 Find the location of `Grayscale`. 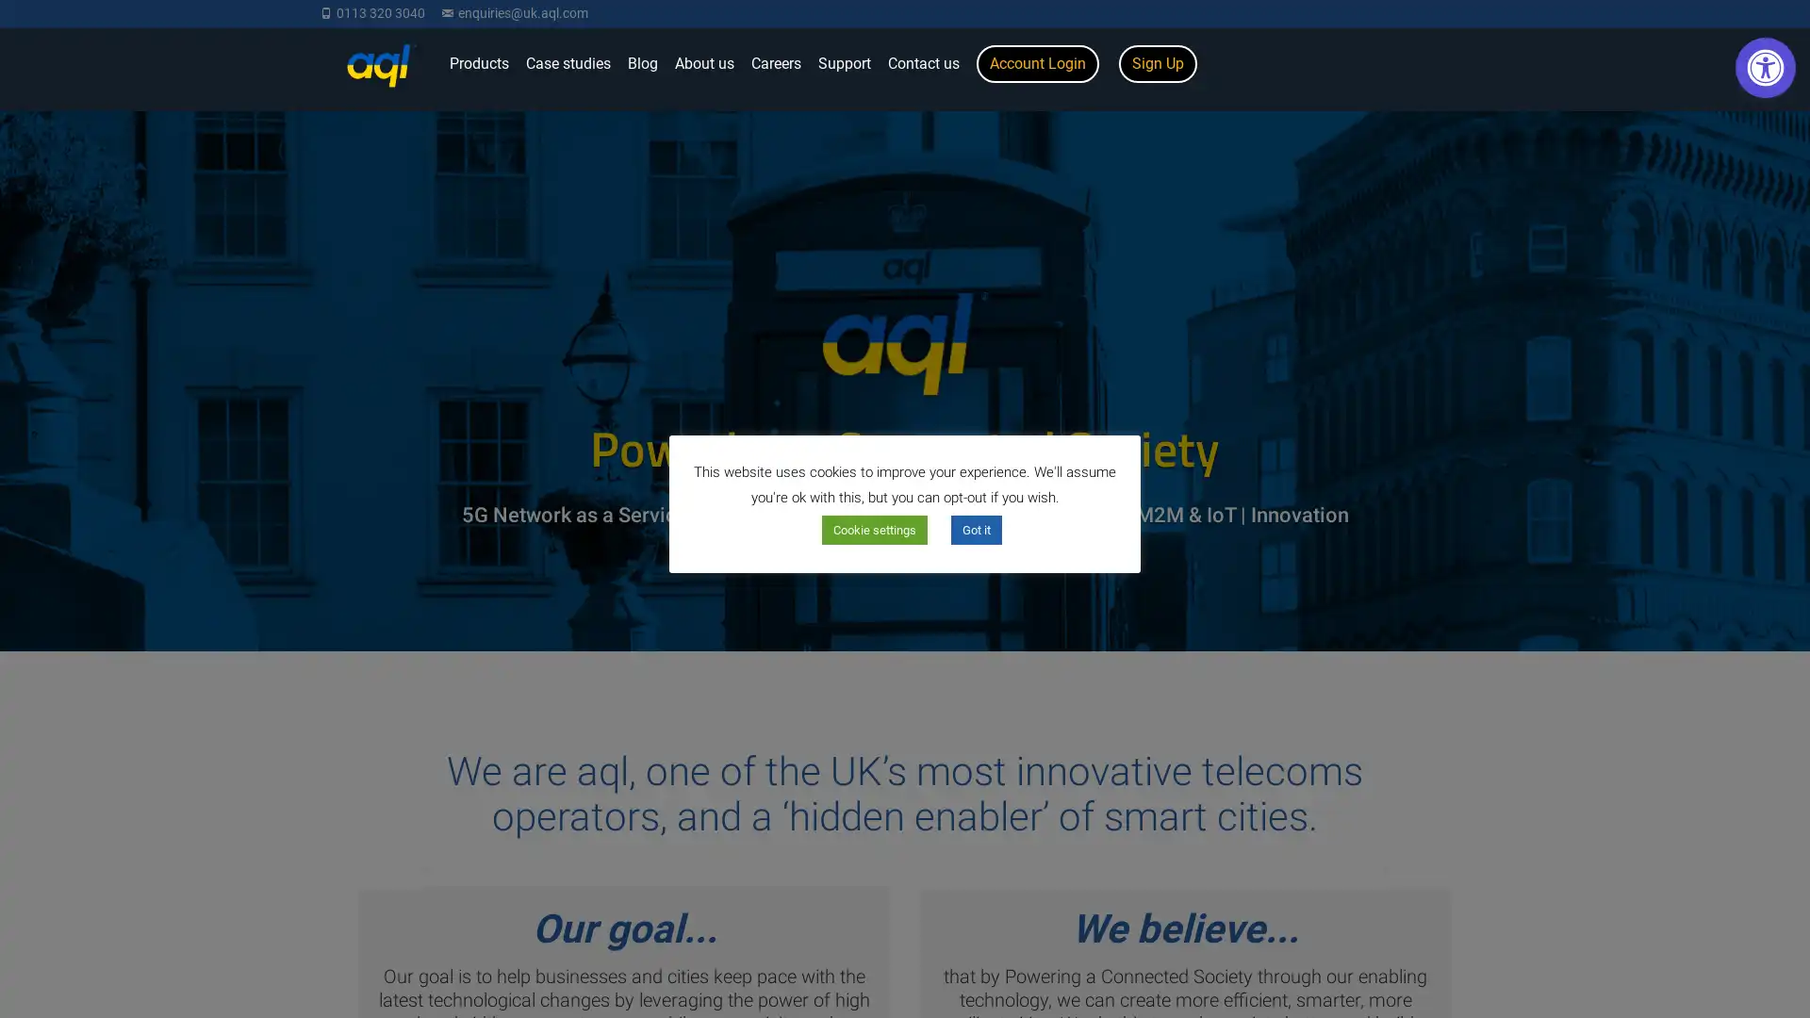

Grayscale is located at coordinates (1645, 283).